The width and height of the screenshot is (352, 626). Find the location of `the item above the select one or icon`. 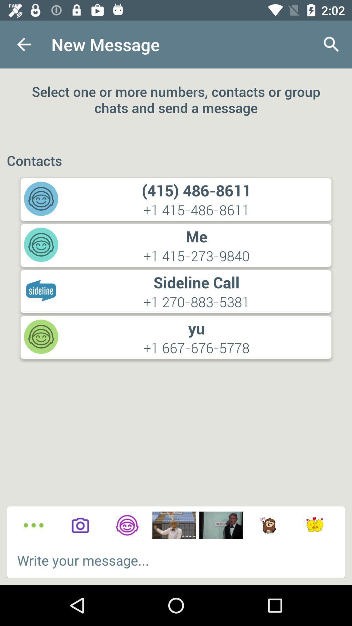

the item above the select one or icon is located at coordinates (23, 44).